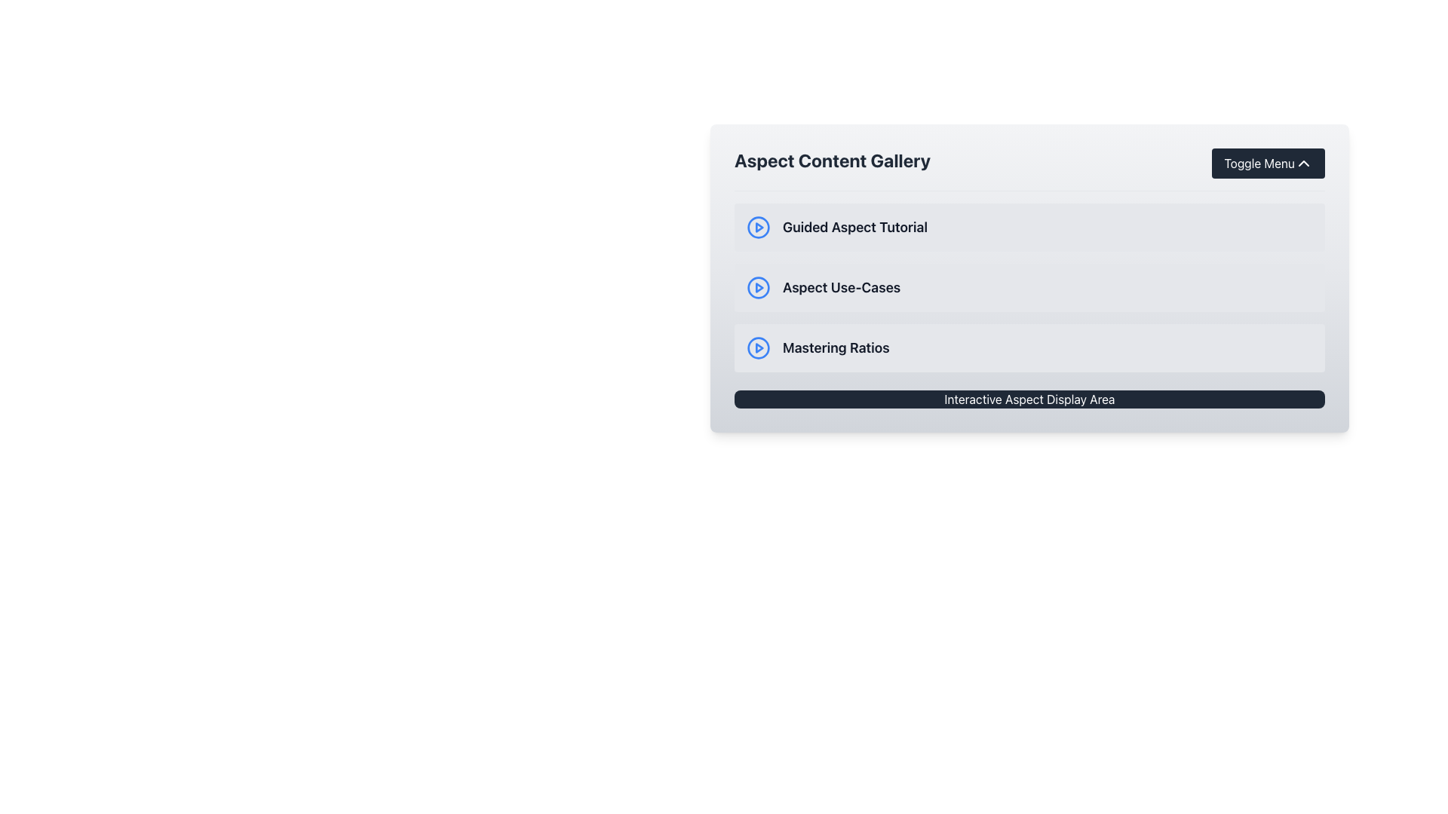  Describe the element at coordinates (1302, 163) in the screenshot. I see `the interactive icon indicating the 'Toggle Menu' functionality` at that location.